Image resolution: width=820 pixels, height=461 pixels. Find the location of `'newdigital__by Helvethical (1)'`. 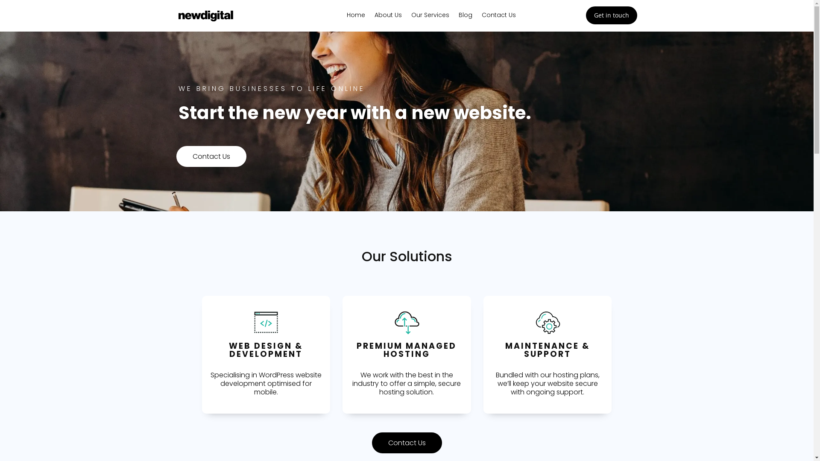

'newdigital__by Helvethical (1)' is located at coordinates (205, 16).